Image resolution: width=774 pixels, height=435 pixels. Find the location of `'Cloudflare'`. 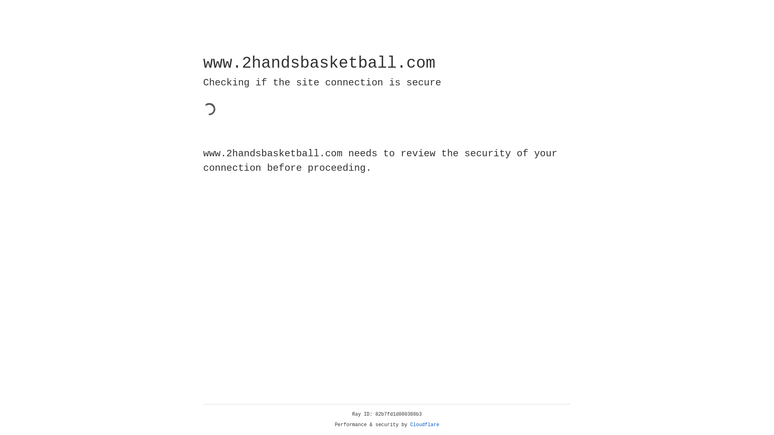

'Cloudflare' is located at coordinates (424, 425).